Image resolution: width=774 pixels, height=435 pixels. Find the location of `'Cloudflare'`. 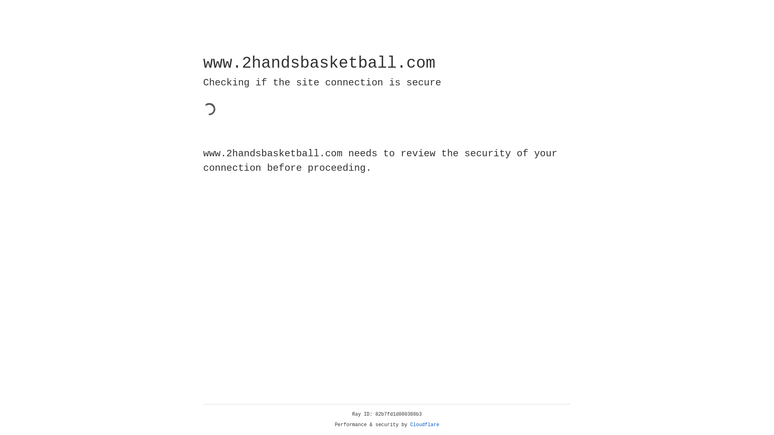

'Cloudflare' is located at coordinates (424, 425).